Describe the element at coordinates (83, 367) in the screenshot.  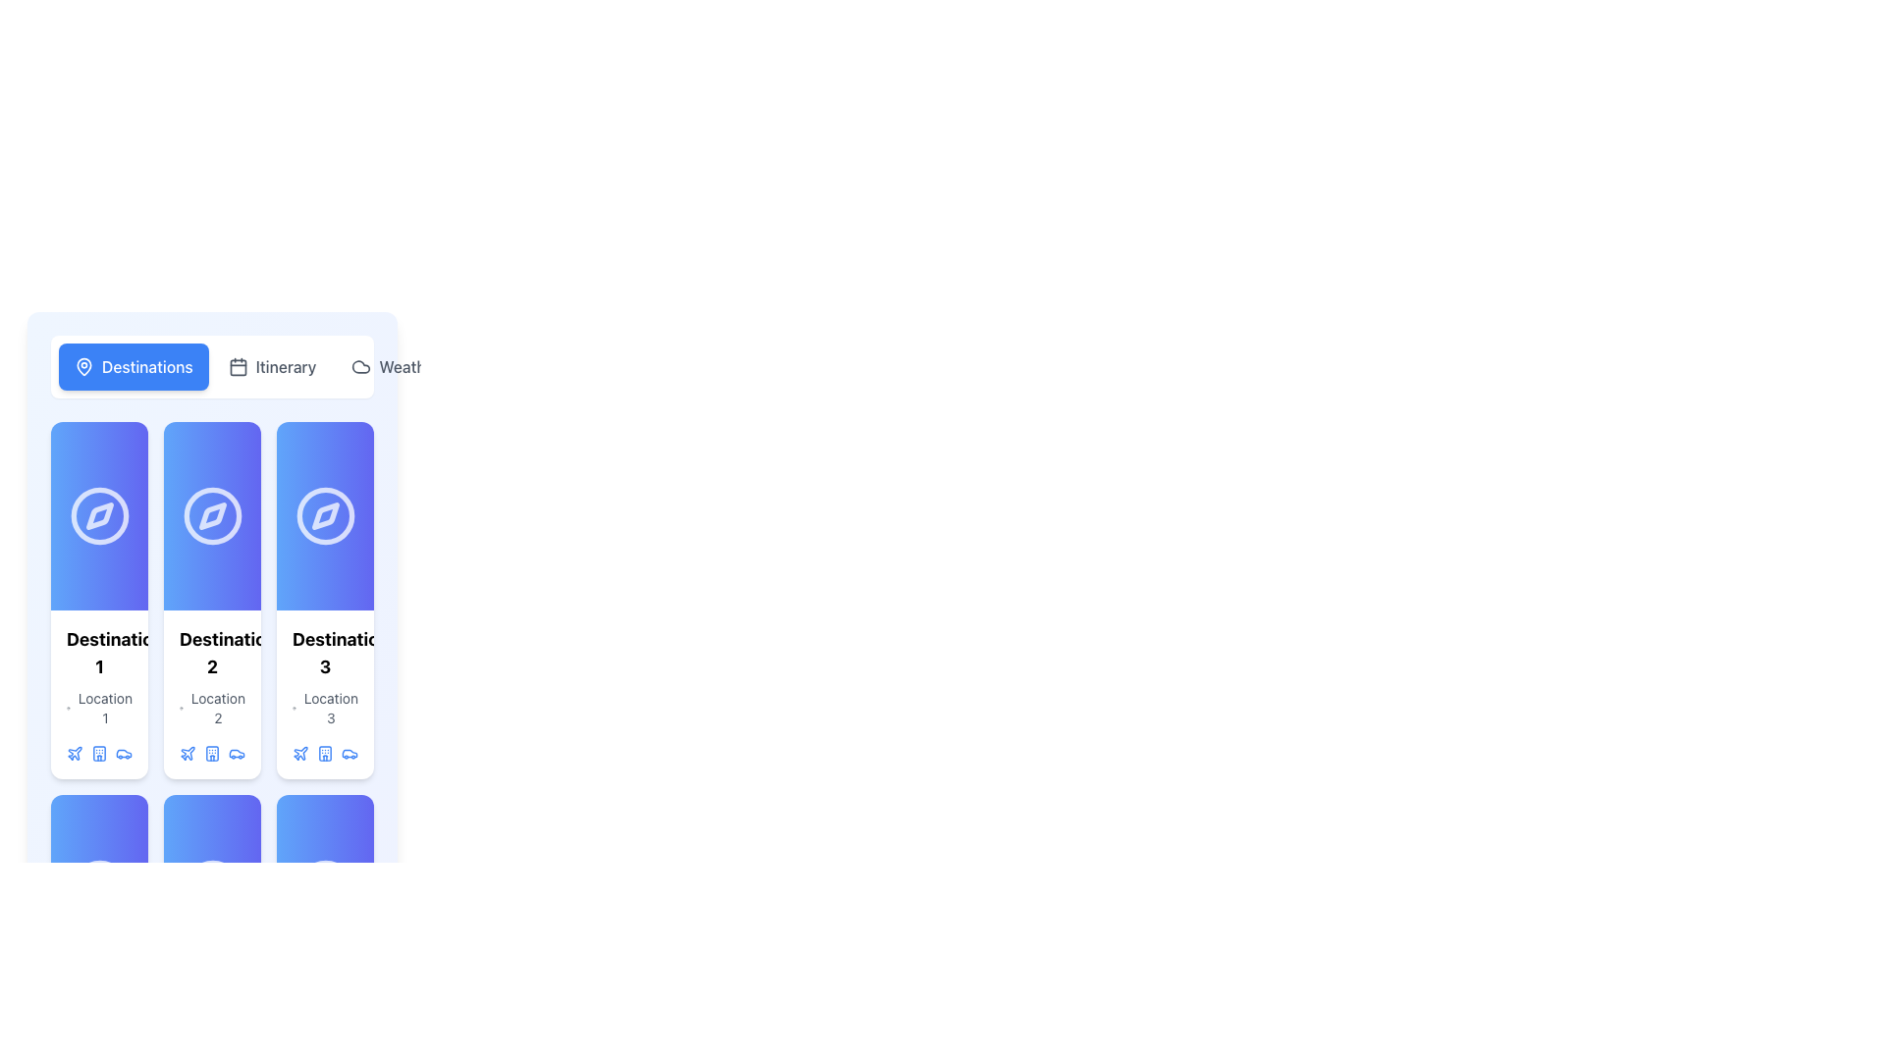
I see `the map pin icon styled element located within the 'Destinations' button, positioned towards the left side of the text label 'Destinations'` at that location.